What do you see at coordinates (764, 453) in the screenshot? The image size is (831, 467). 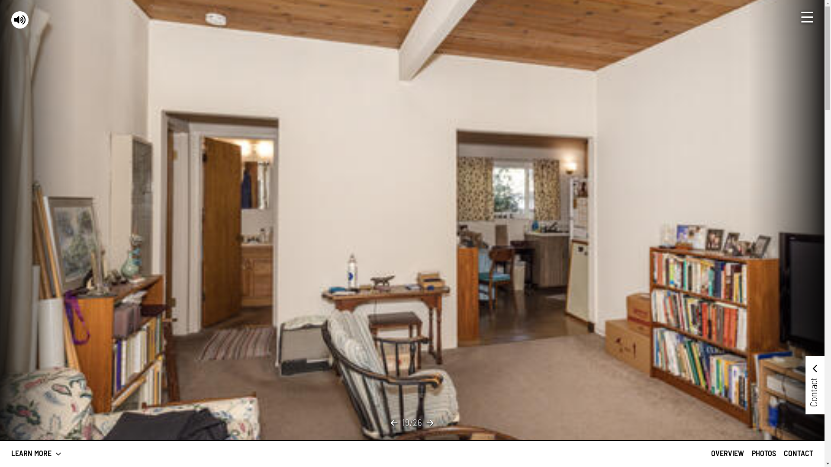 I see `'PHOTOS'` at bounding box center [764, 453].